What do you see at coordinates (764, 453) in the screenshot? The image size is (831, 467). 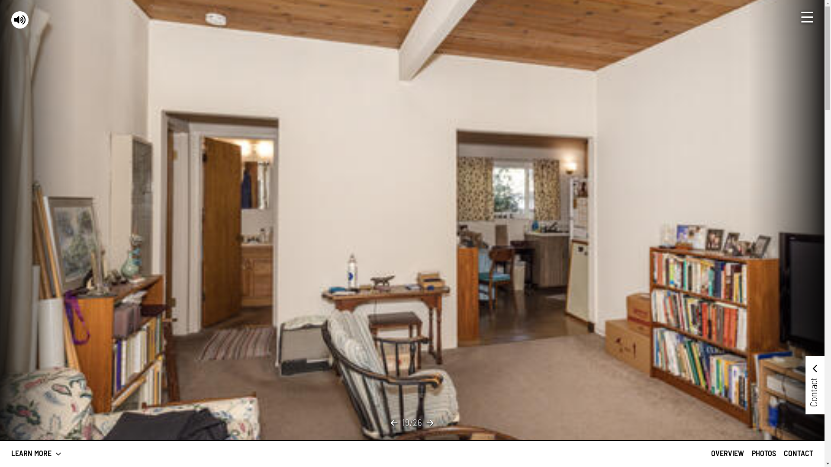 I see `'PHOTOS'` at bounding box center [764, 453].